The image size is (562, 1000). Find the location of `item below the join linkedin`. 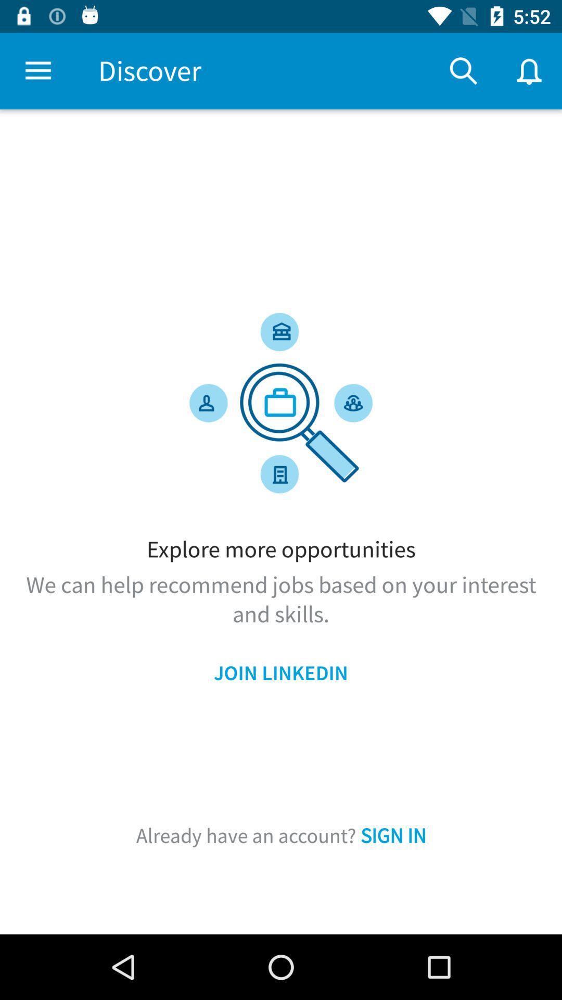

item below the join linkedin is located at coordinates (281, 835).